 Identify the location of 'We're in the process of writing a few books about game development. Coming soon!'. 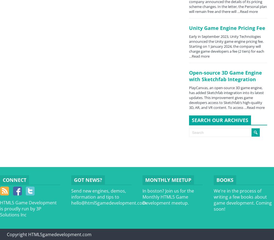
(243, 200).